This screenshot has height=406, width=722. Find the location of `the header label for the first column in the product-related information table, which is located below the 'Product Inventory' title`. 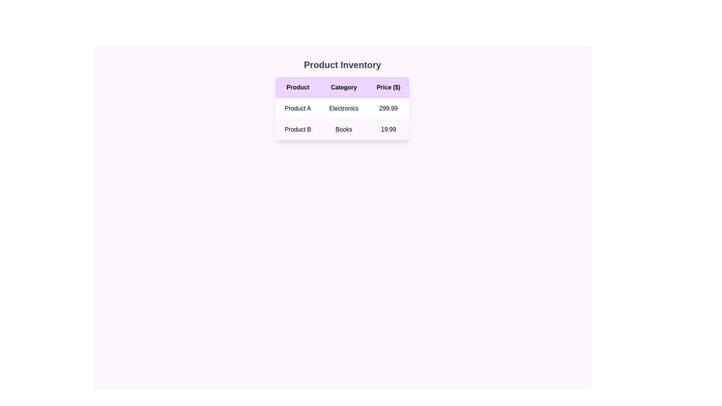

the header label for the first column in the product-related information table, which is located below the 'Product Inventory' title is located at coordinates (297, 87).